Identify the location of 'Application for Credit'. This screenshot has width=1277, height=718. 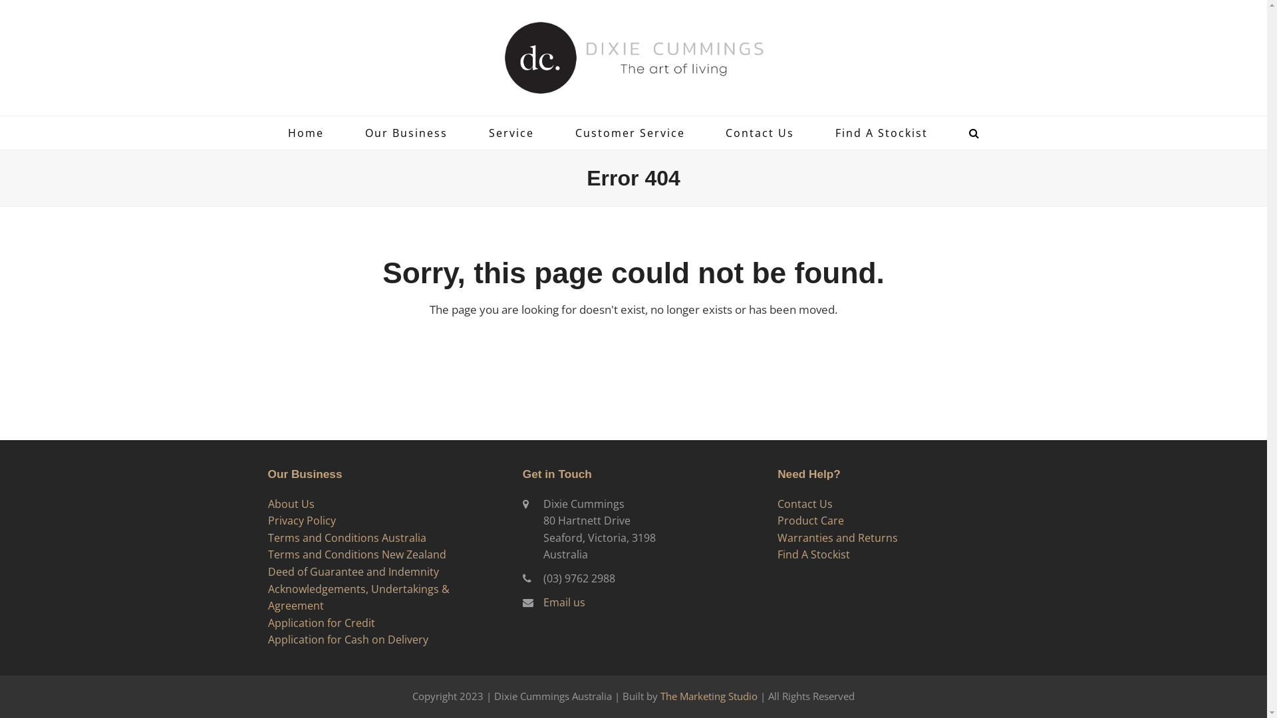
(321, 623).